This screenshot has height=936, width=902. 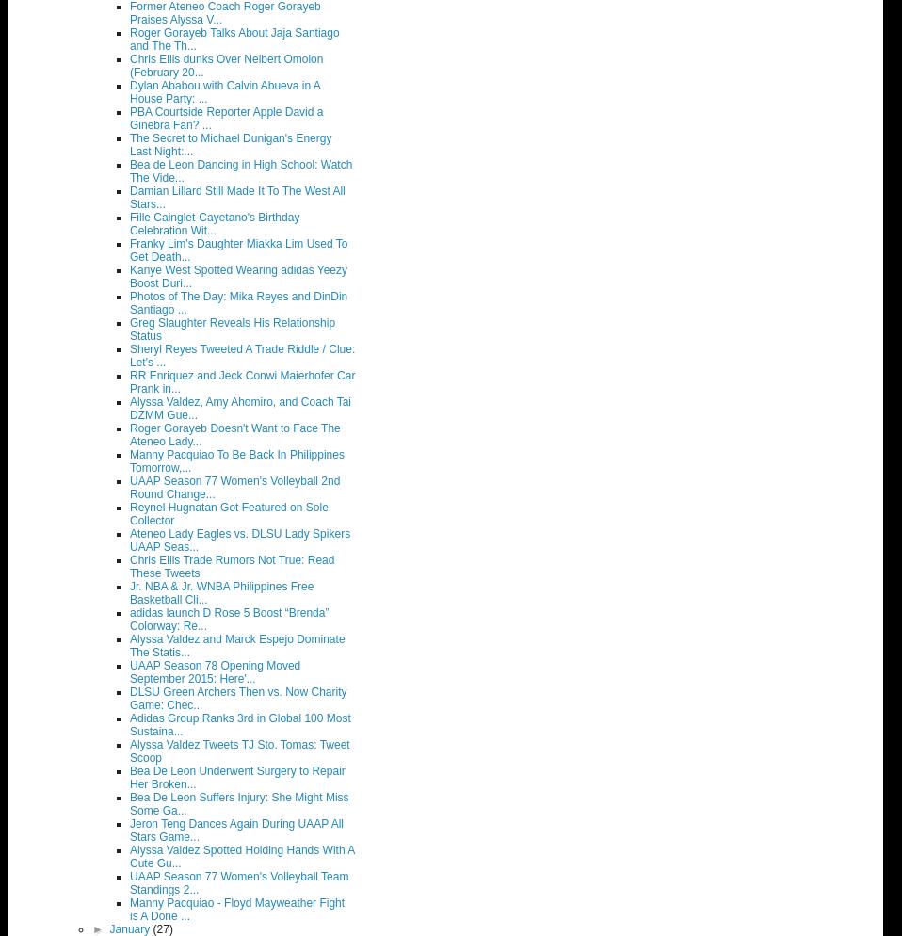 I want to click on 'Alyssa Valdez Tweets TJ Sto. Tomas: Tweet Scoop', so click(x=239, y=750).